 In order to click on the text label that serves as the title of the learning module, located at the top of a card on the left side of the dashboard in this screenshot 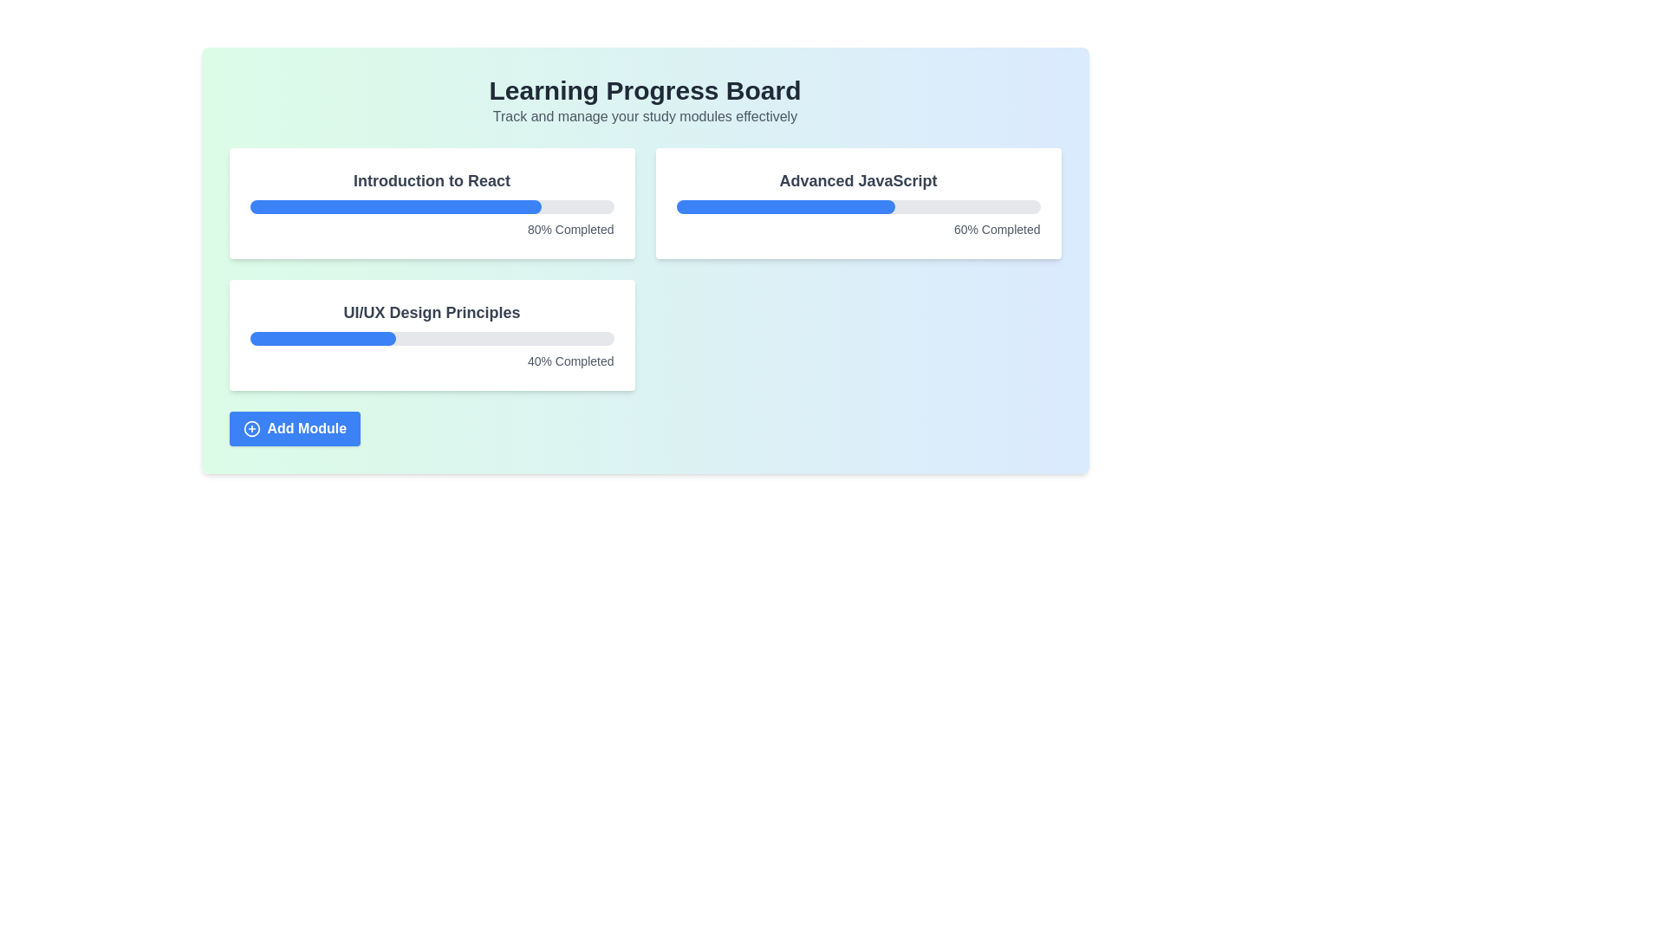, I will do `click(432, 180)`.